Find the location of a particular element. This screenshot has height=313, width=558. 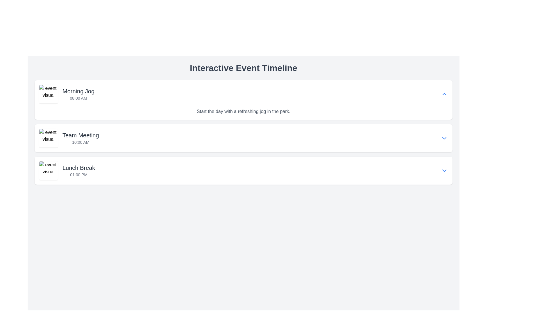

the Text Label element that states 'Start the day with a refreshing jog in the park.' which is positioned below the title 'Morning Jog' and the time '08:00 AM' is located at coordinates (244, 112).